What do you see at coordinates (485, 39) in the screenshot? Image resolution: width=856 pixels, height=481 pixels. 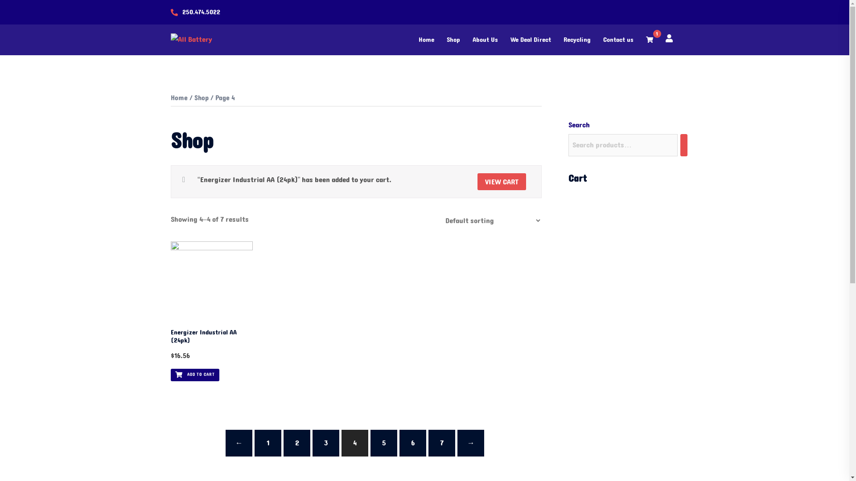 I see `'About Us'` at bounding box center [485, 39].